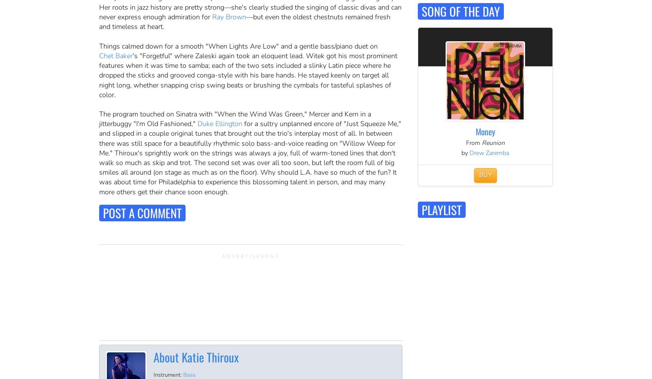 Image resolution: width=652 pixels, height=379 pixels. Describe the element at coordinates (465, 152) in the screenshot. I see `'by'` at that location.